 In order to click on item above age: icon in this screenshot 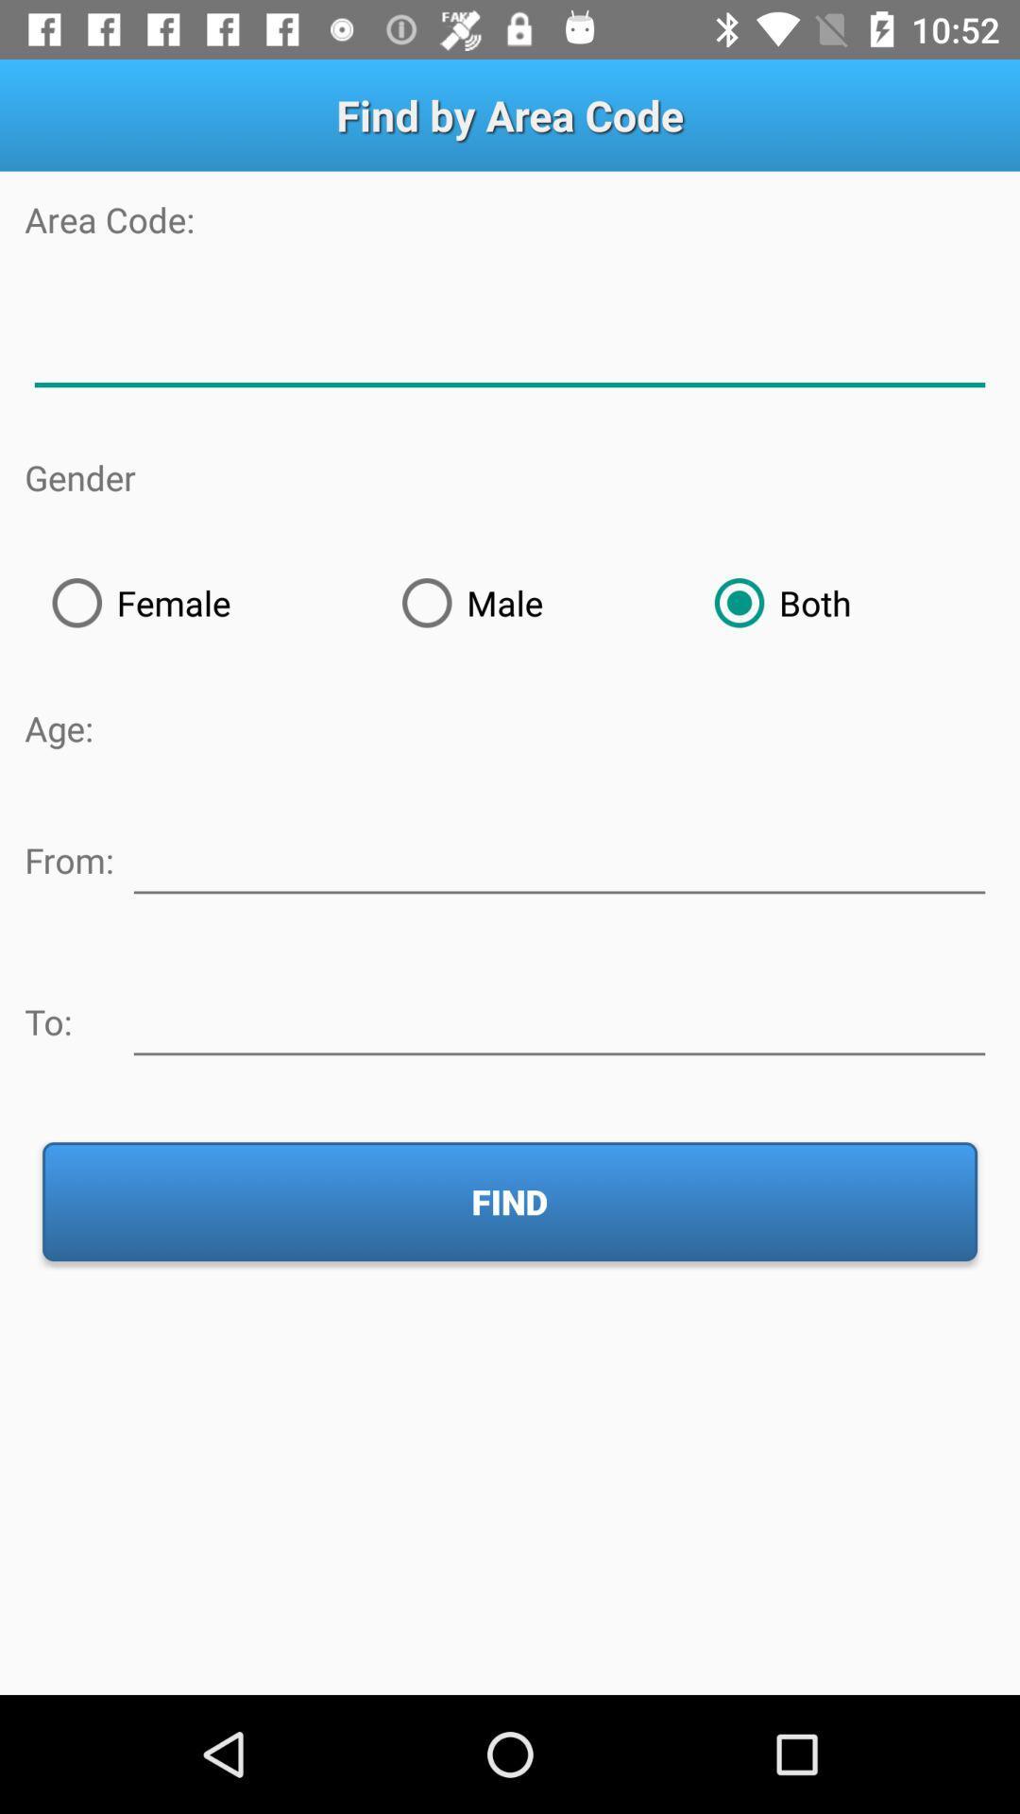, I will do `click(199, 602)`.